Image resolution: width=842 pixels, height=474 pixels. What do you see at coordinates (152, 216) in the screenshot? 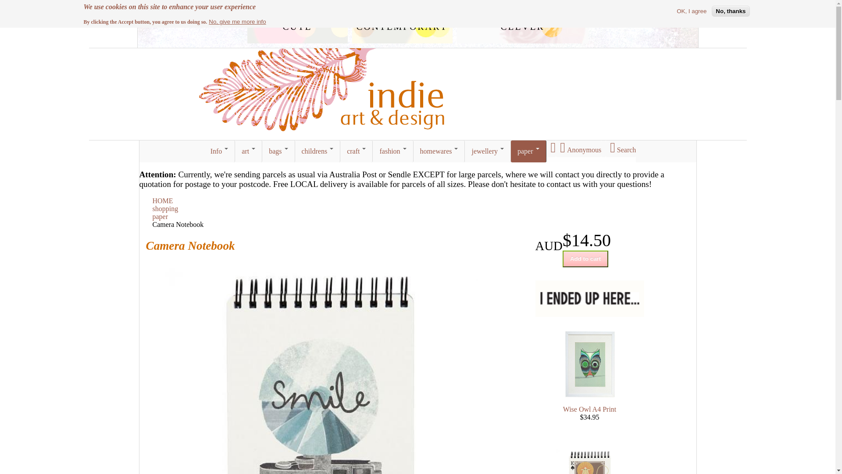
I see `'paper'` at bounding box center [152, 216].